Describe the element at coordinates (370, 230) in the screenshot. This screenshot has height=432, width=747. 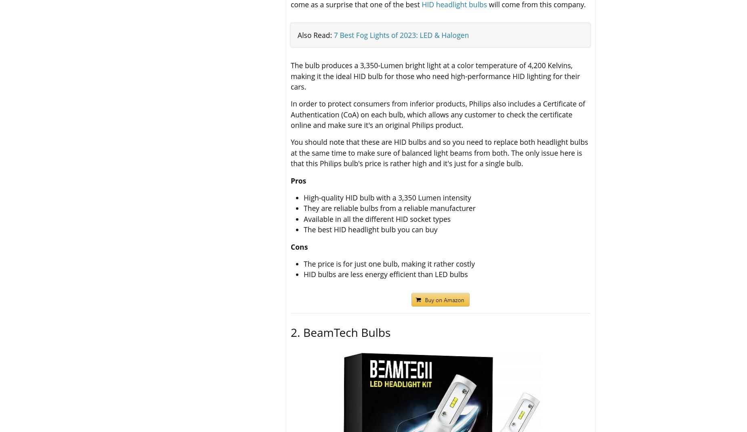
I see `'The best HID headlight bulb you can buy'` at that location.